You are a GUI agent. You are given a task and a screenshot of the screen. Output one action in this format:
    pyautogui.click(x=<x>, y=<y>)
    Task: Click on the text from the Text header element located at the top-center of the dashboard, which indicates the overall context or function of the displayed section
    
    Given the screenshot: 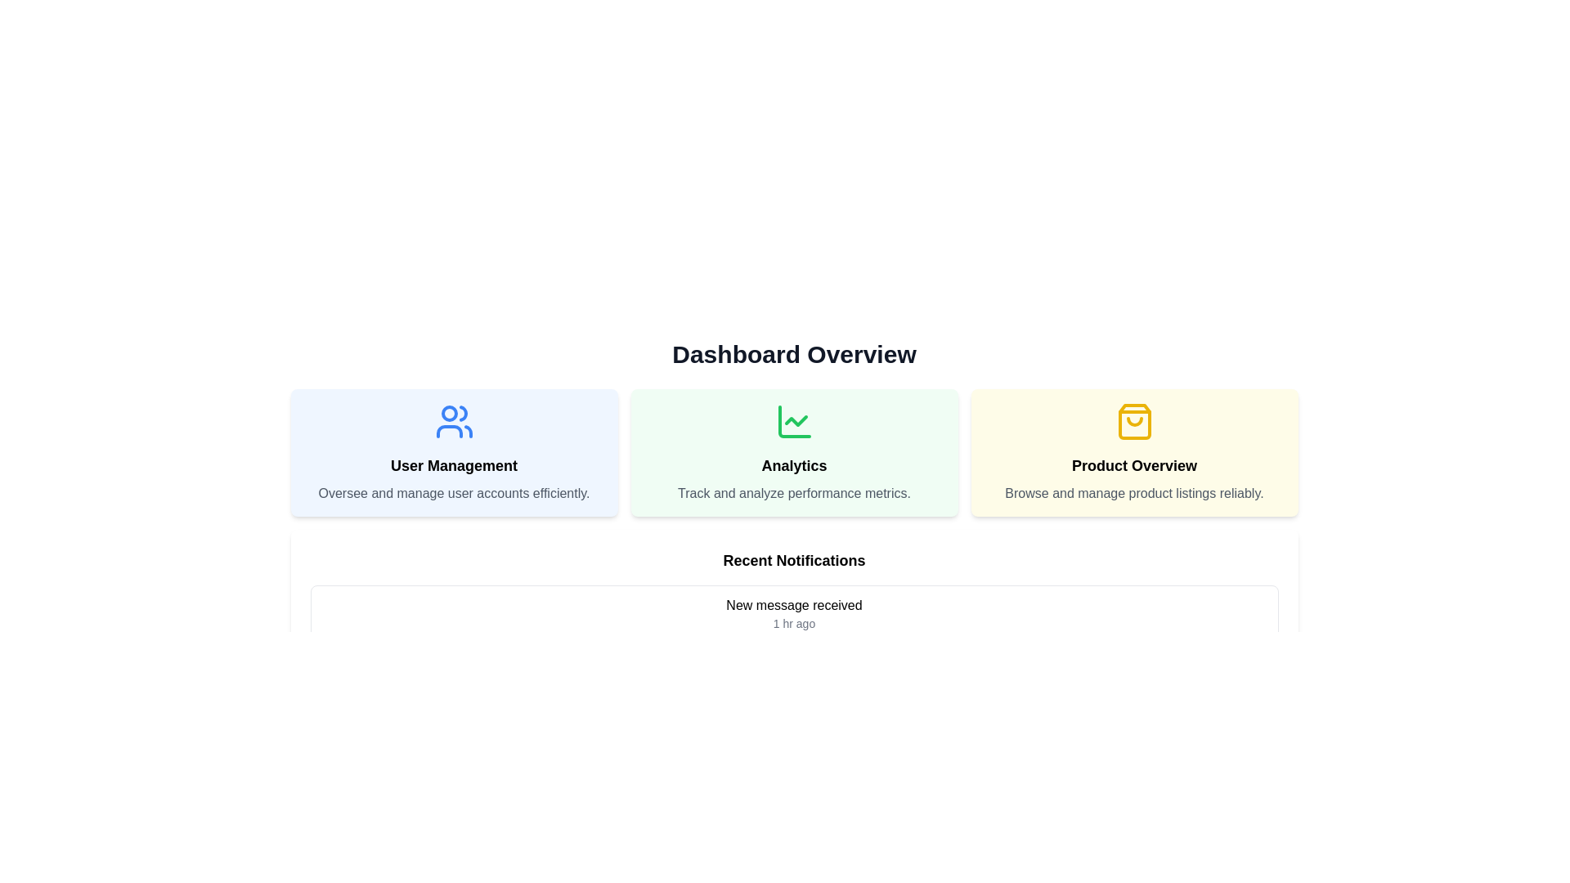 What is the action you would take?
    pyautogui.click(x=794, y=354)
    